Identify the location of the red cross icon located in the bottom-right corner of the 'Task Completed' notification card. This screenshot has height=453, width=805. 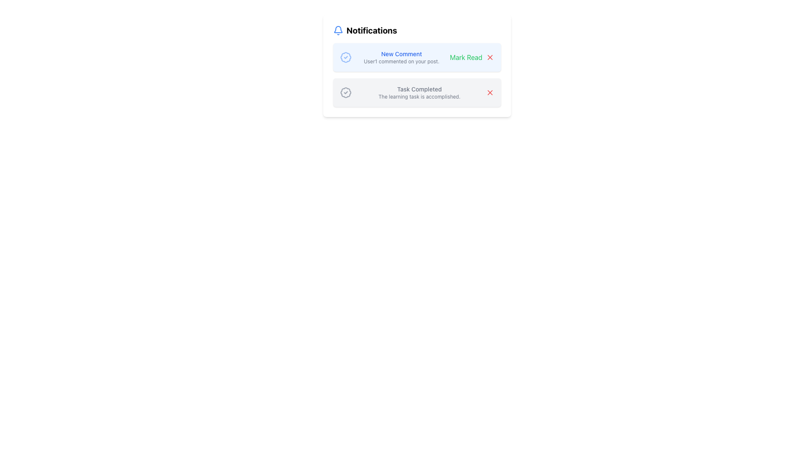
(490, 92).